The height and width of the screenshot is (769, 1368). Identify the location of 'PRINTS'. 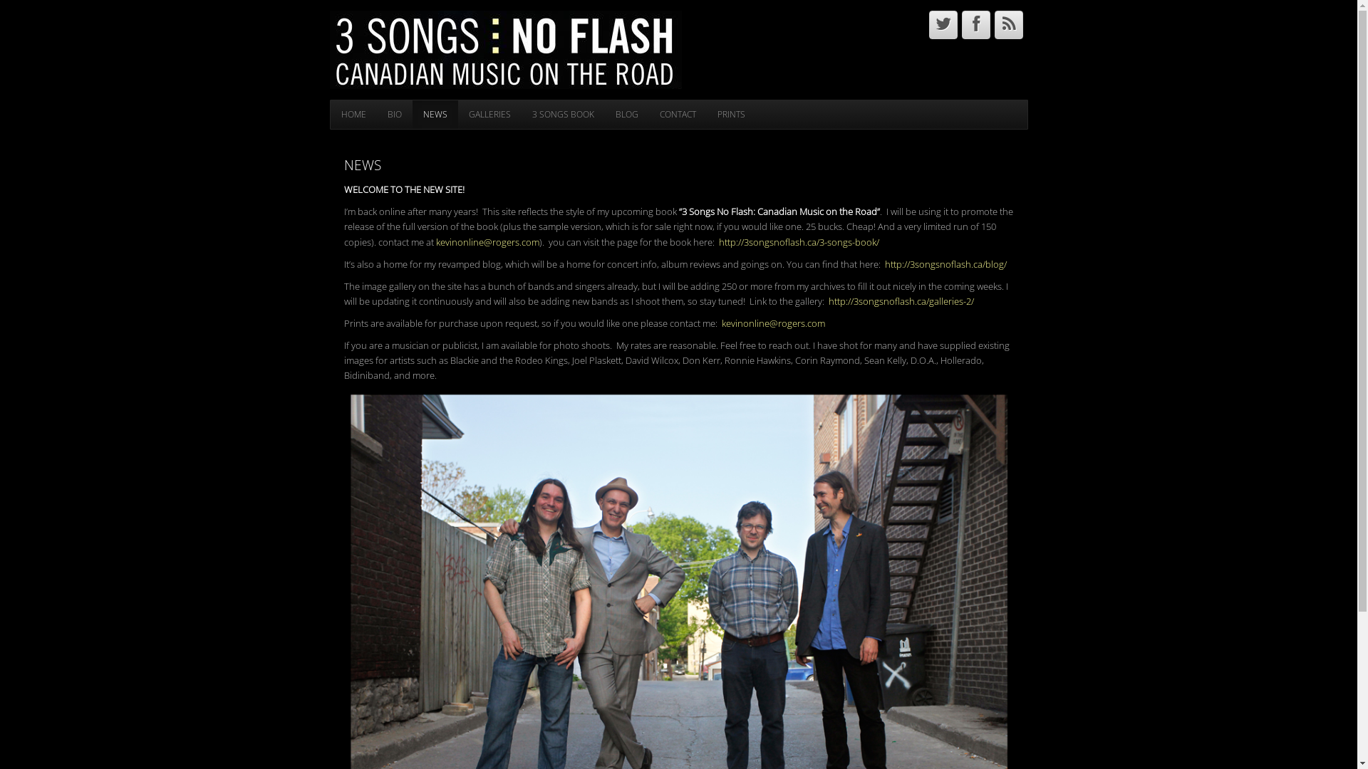
(707, 114).